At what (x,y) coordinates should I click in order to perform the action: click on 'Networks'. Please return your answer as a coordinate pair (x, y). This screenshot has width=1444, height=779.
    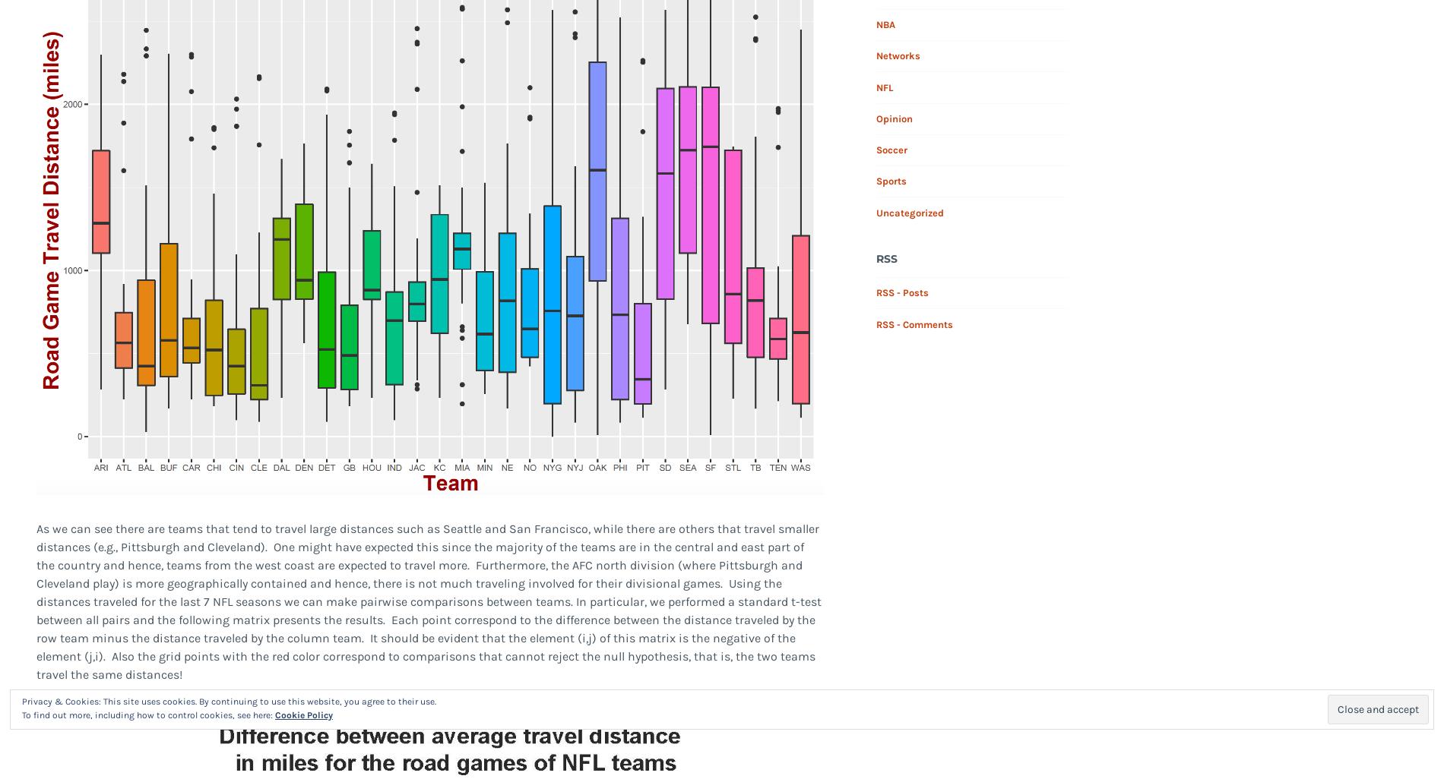
    Looking at the image, I should click on (898, 55).